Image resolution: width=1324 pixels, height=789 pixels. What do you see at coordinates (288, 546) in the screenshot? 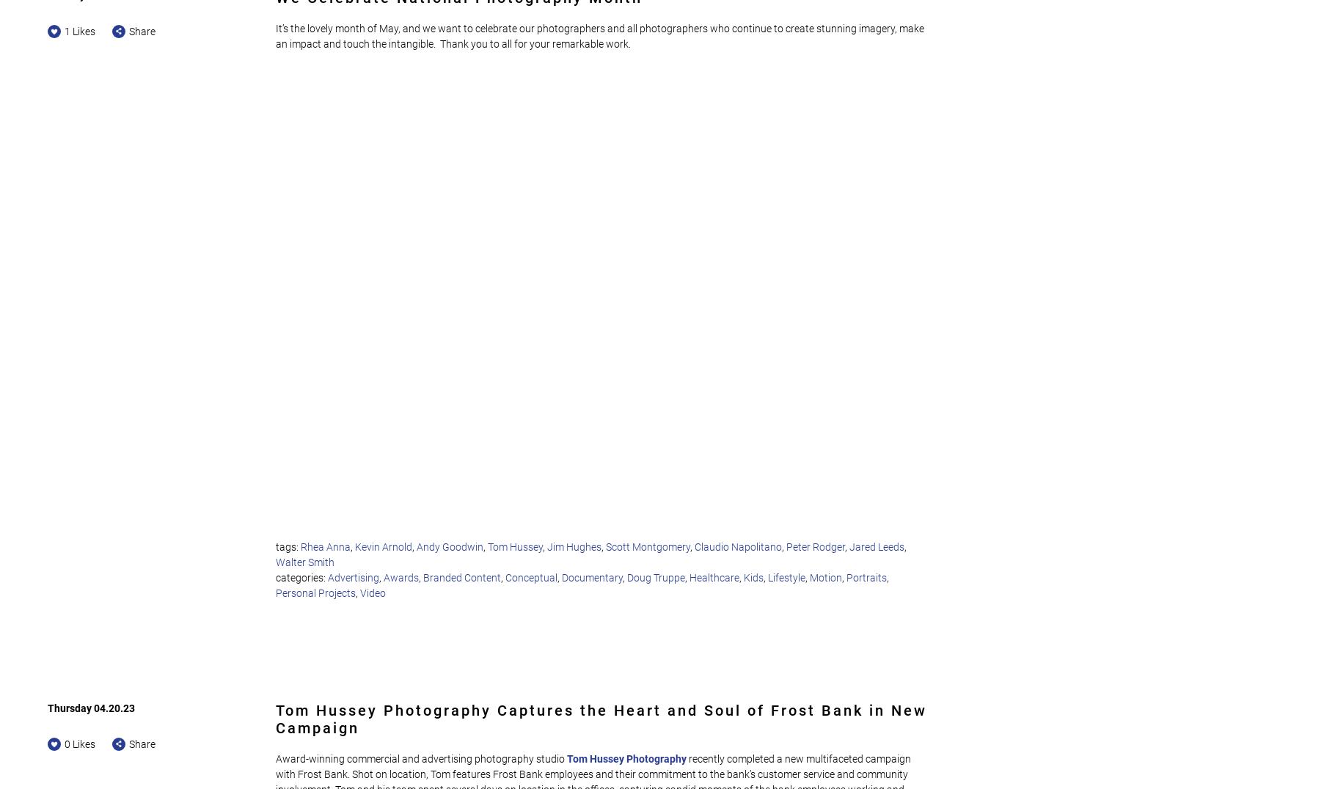
I see `'tags:'` at bounding box center [288, 546].